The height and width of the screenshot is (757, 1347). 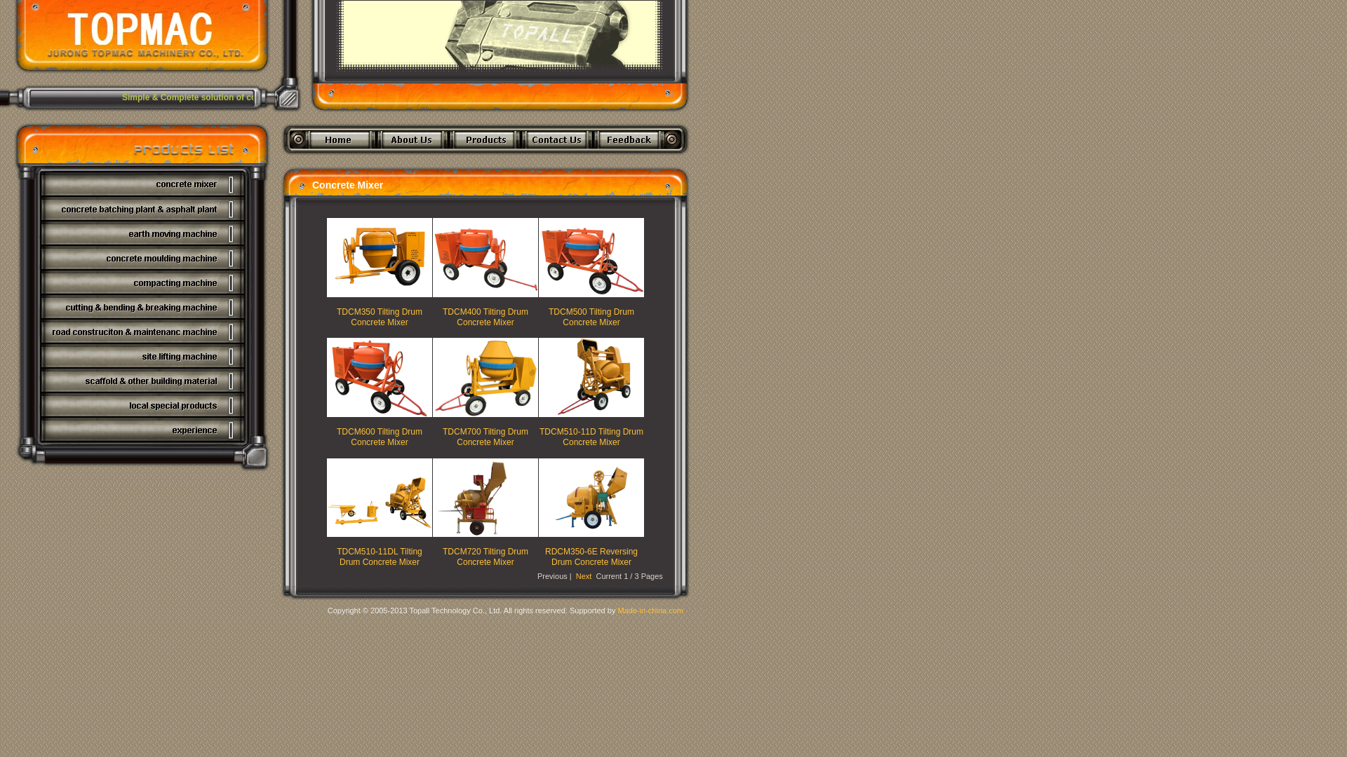 I want to click on 'Next', so click(x=575, y=575).